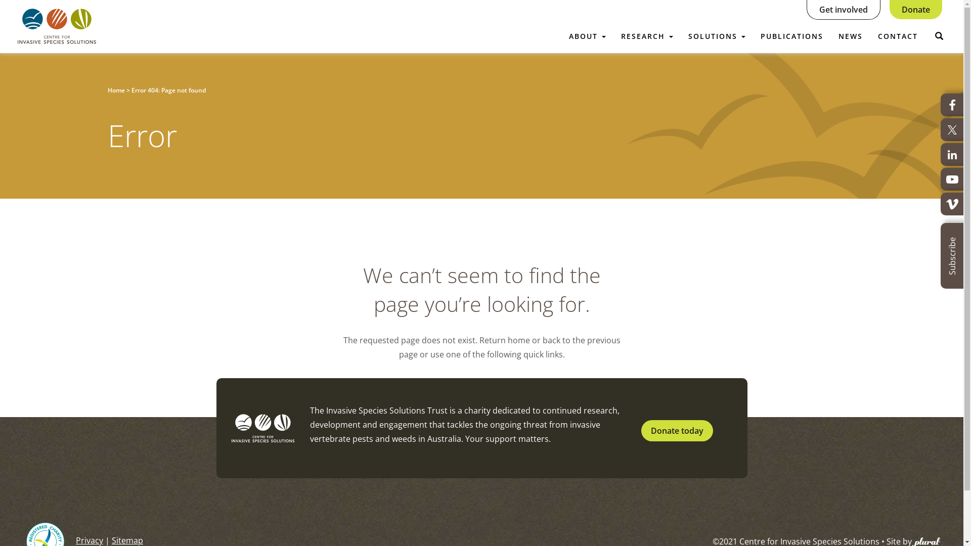  Describe the element at coordinates (898, 24) in the screenshot. I see `'CONTACT'` at that location.